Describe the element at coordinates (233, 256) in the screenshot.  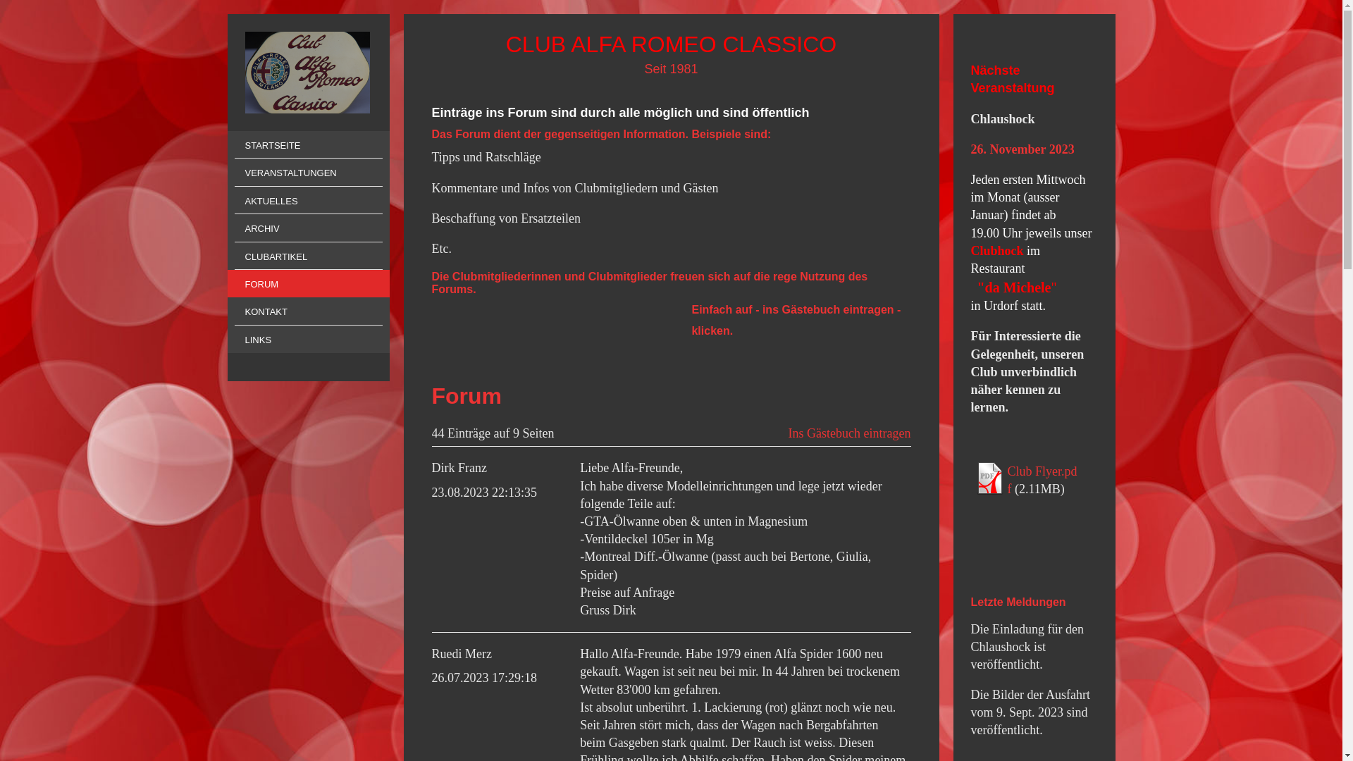
I see `'CLUBARTIKEL'` at that location.